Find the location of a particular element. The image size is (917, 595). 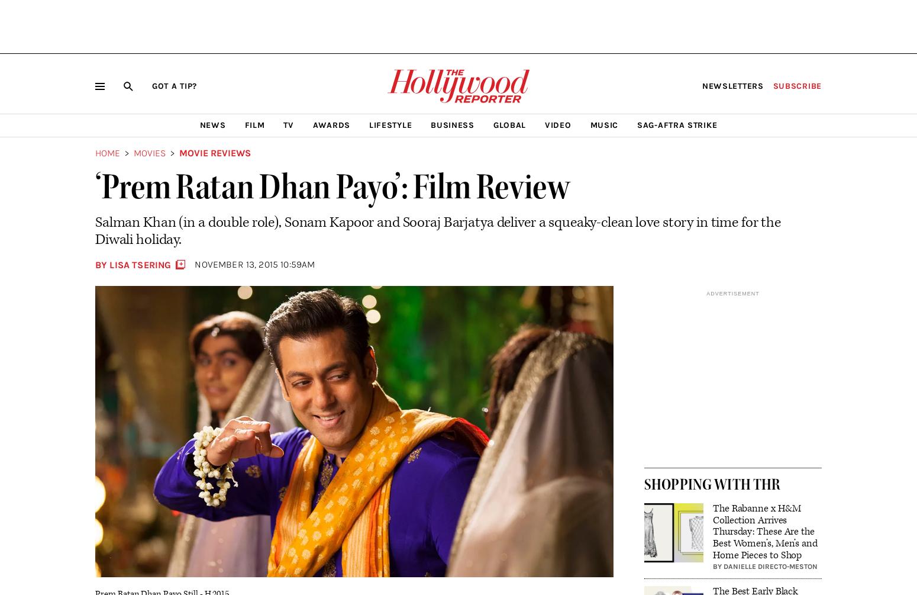

'More Stories by Lisa Tsering' is located at coordinates (159, 307).